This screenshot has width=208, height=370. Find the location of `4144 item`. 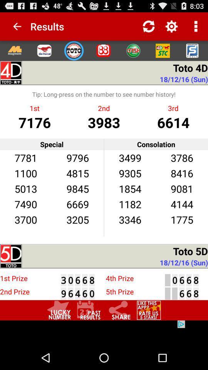

4144 item is located at coordinates (182, 203).